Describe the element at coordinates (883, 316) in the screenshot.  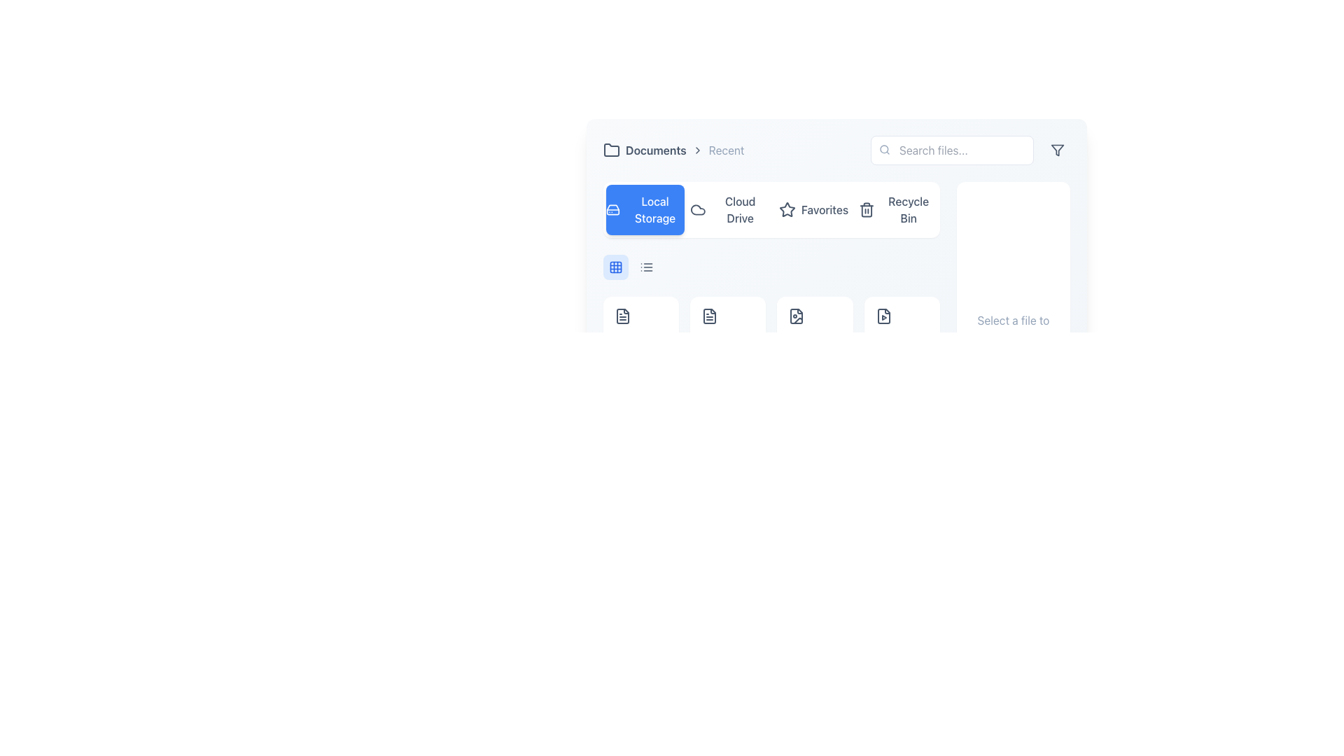
I see `the video file icon, which is the fourth item in the grid layout of icons` at that location.